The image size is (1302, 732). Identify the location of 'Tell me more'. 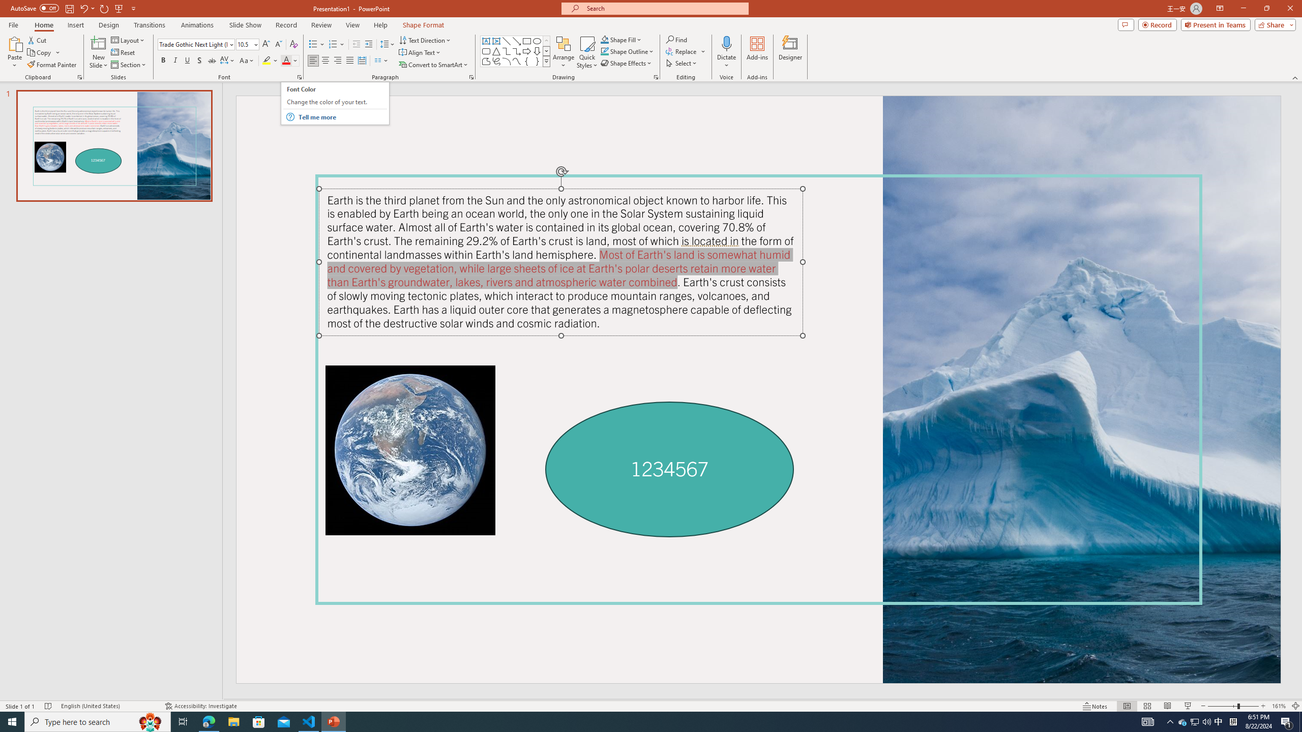
(342, 116).